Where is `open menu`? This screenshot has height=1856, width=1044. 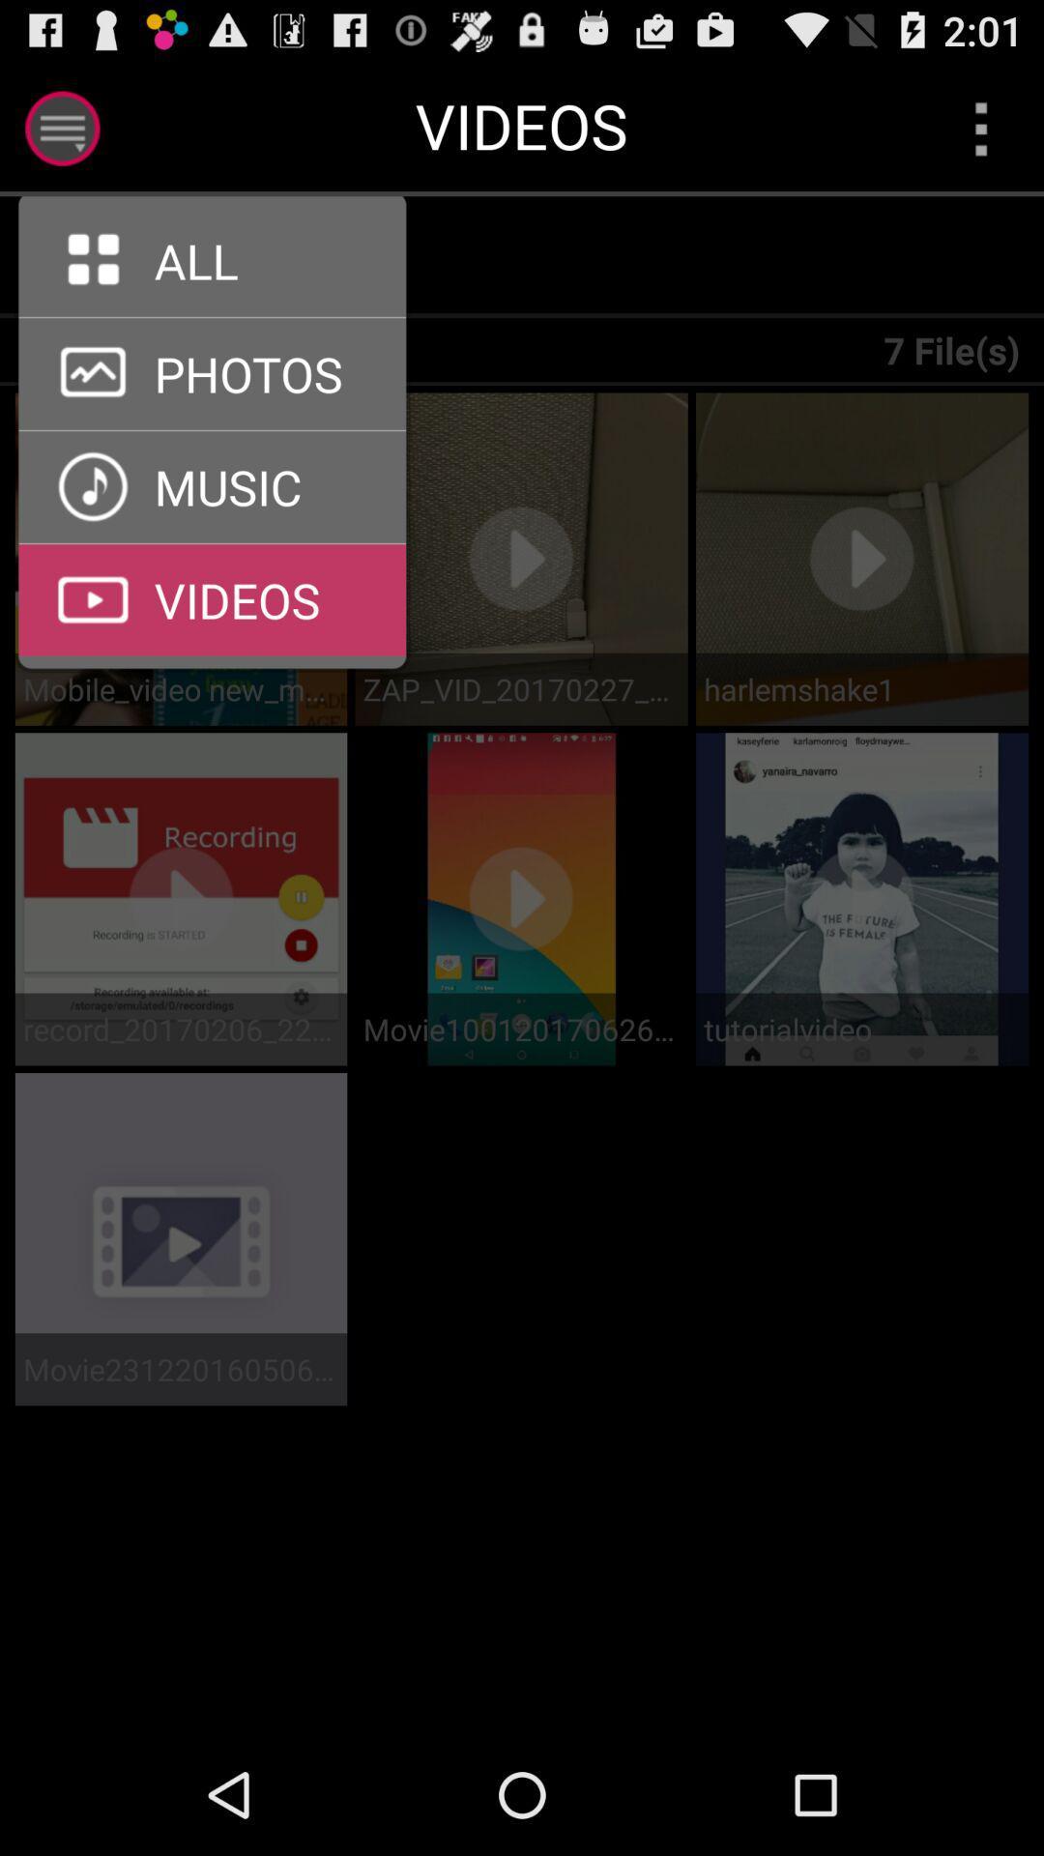 open menu is located at coordinates (981, 128).